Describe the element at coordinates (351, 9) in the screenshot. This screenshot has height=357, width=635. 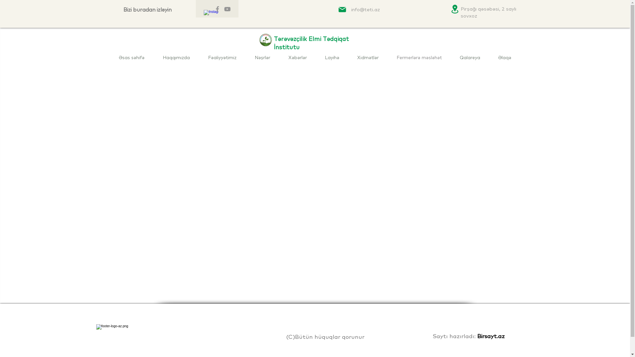
I see `'info@teti.az'` at that location.